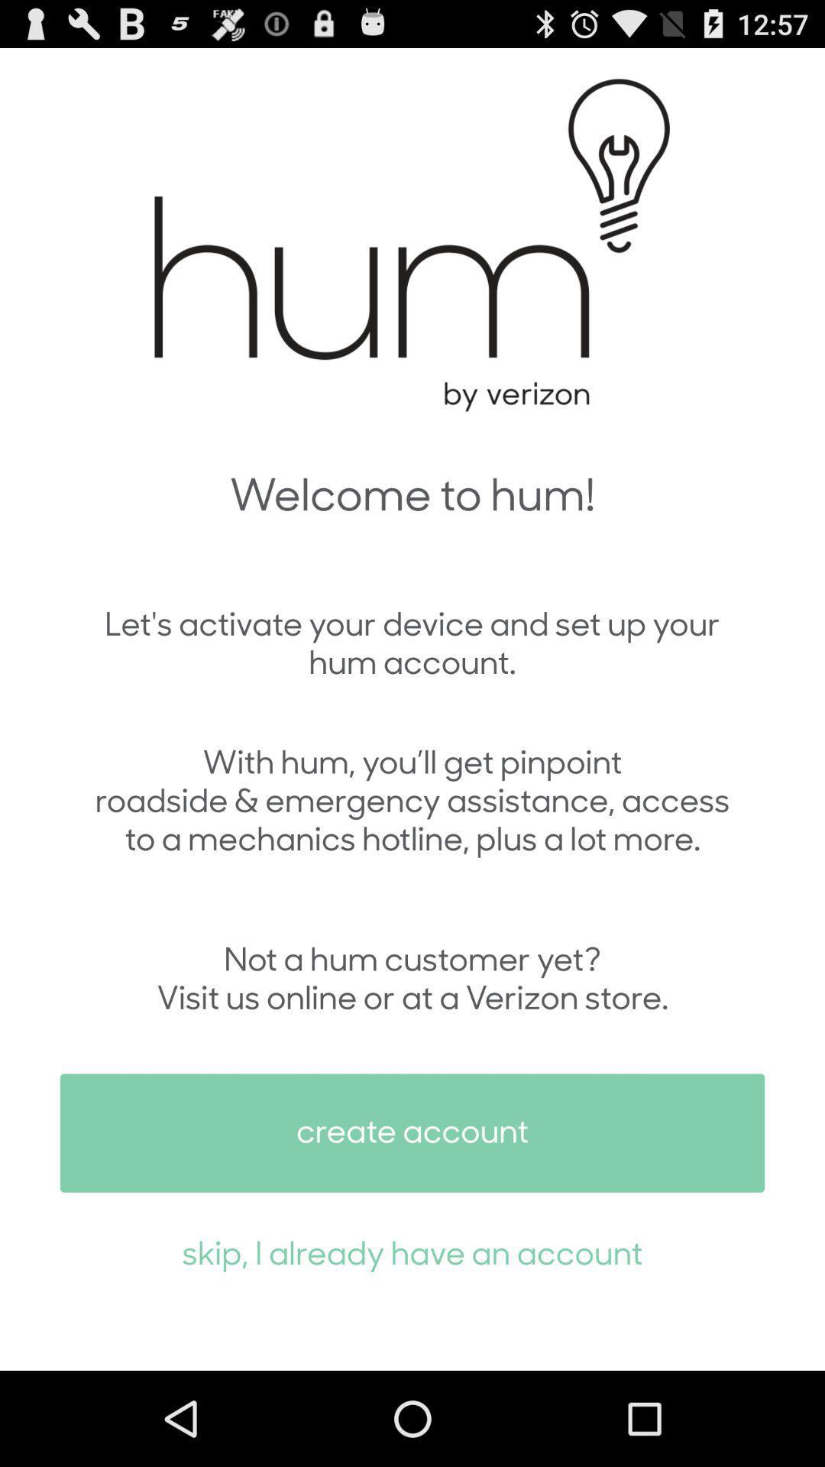  I want to click on the skip i already icon, so click(412, 1252).